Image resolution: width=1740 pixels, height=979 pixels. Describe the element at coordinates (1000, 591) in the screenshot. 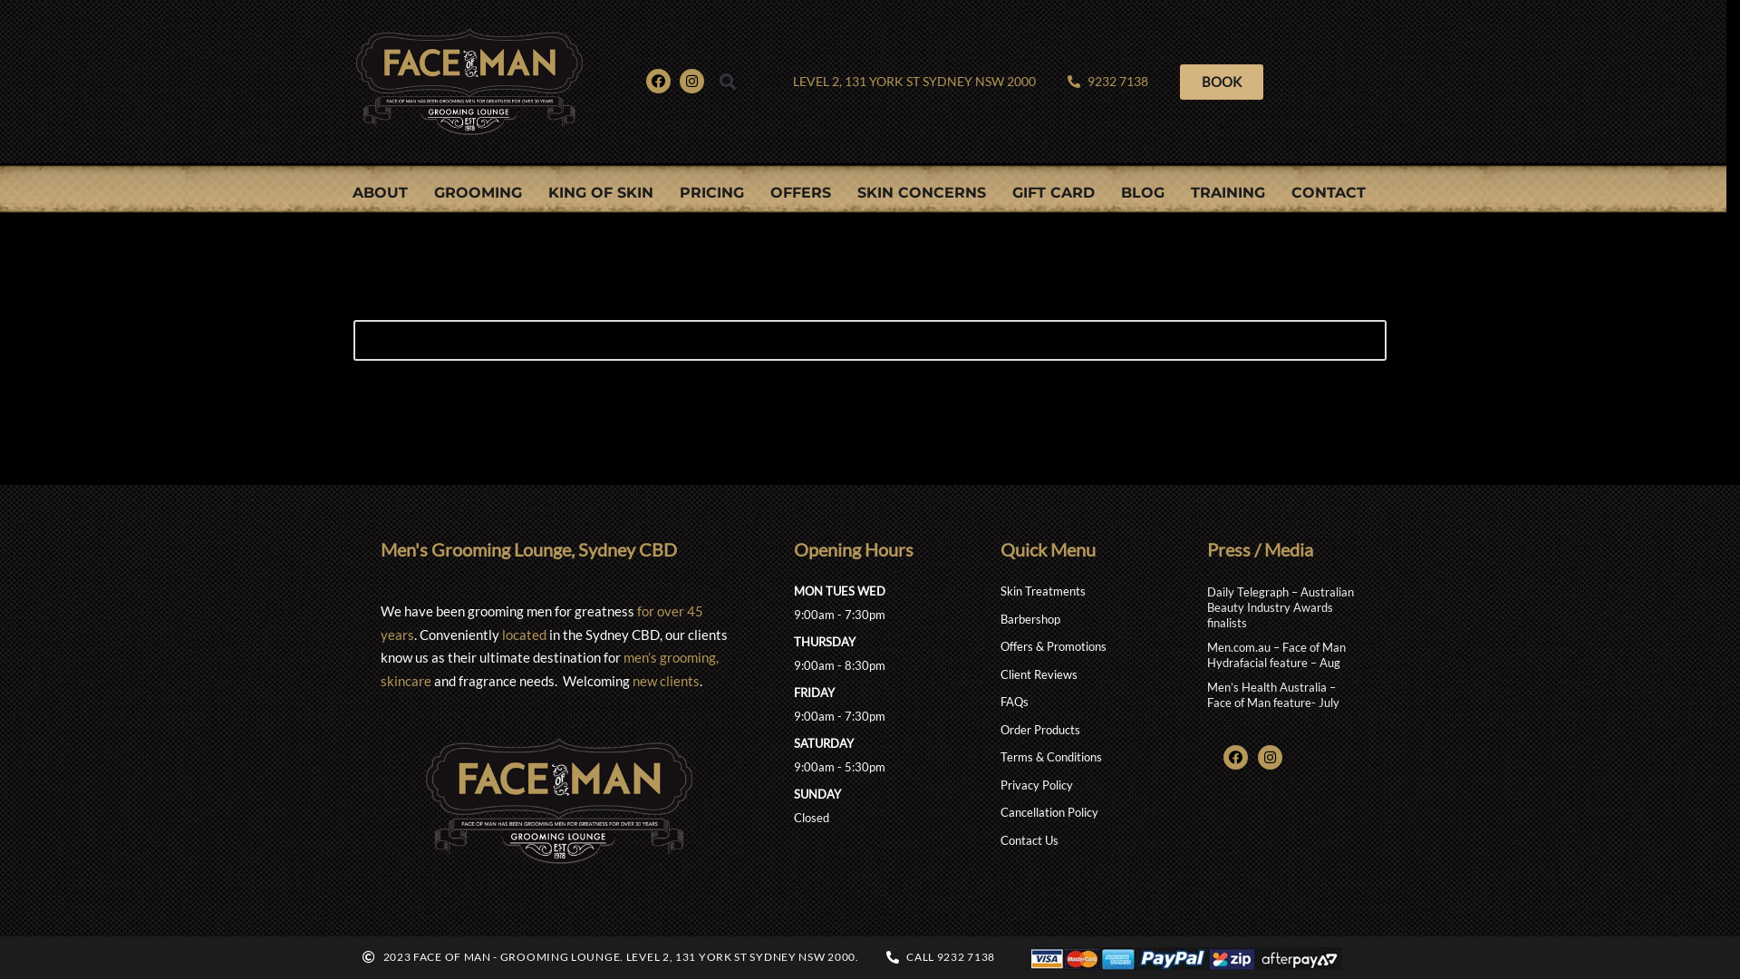

I see `'Skin Treatments'` at that location.